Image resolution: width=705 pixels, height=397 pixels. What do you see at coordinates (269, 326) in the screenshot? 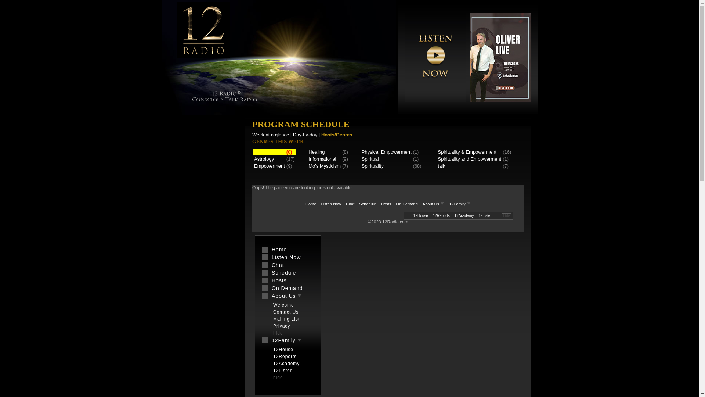
I see `'Privacy'` at bounding box center [269, 326].